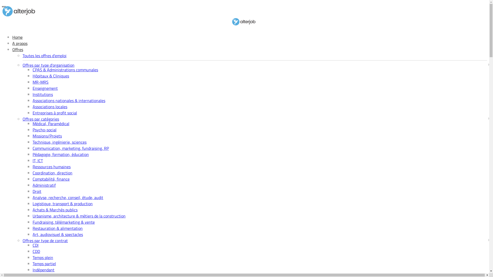 The height and width of the screenshot is (277, 493). What do you see at coordinates (45, 240) in the screenshot?
I see `'Offres par type de contrat'` at bounding box center [45, 240].